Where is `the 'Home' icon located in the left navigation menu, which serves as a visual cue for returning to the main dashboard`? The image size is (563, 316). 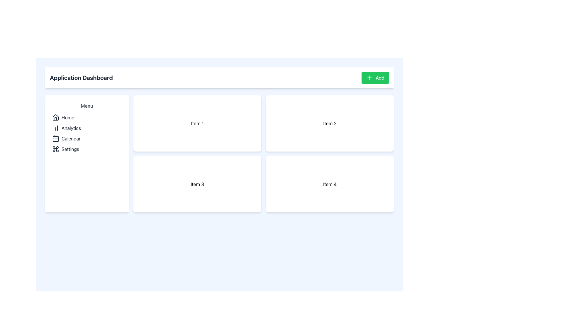
the 'Home' icon located in the left navigation menu, which serves as a visual cue for returning to the main dashboard is located at coordinates (56, 117).